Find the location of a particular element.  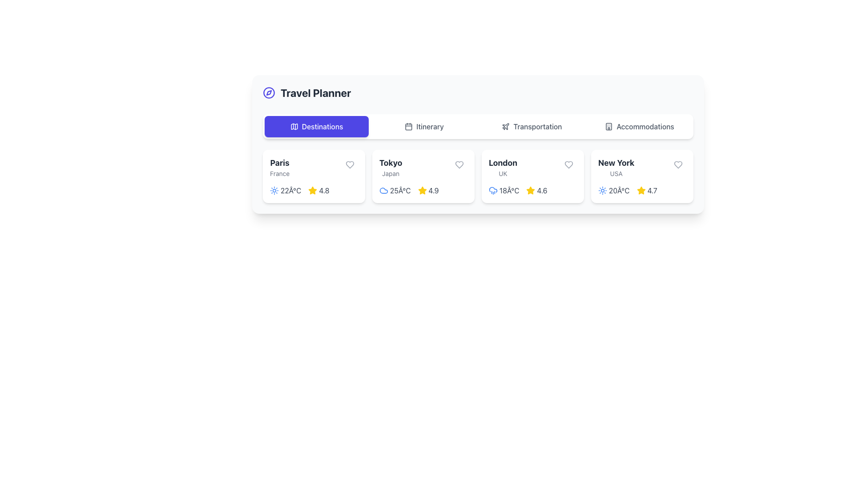

the label that provides the country name corresponding to the city 'Tokyo', located beneath the text 'Tokyo' in the second card of the 'Travel Planner' list is located at coordinates (391, 173).